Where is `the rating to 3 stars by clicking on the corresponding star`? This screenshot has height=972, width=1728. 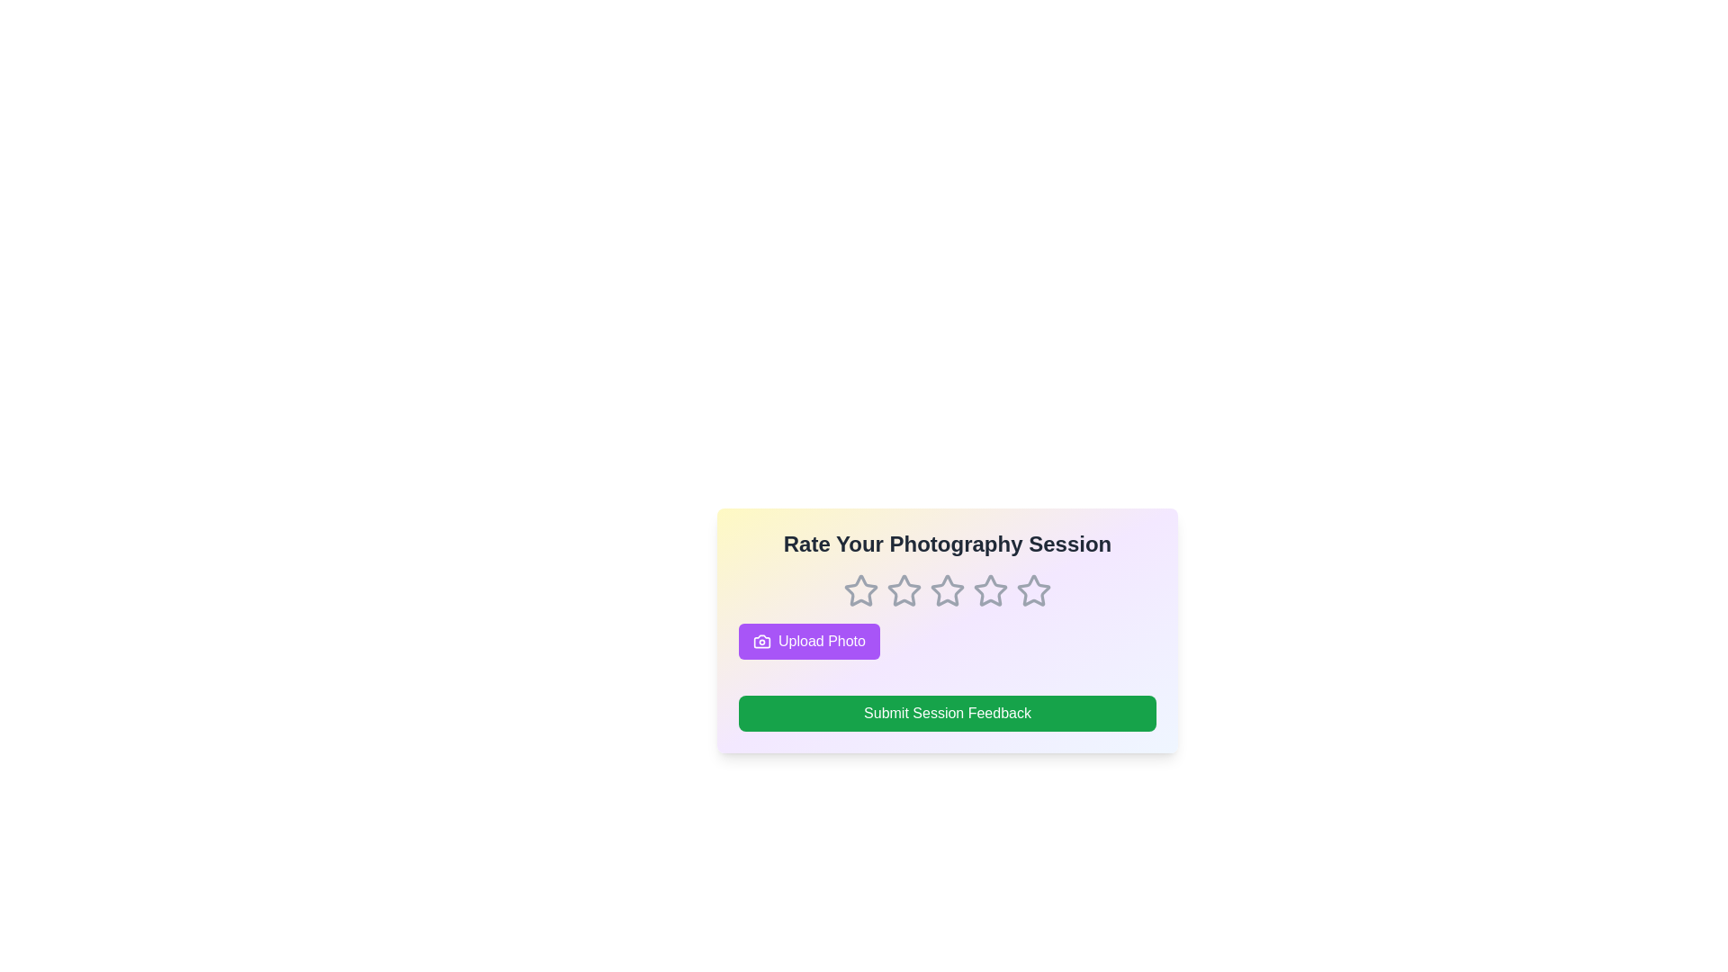 the rating to 3 stars by clicking on the corresponding star is located at coordinates (946, 590).